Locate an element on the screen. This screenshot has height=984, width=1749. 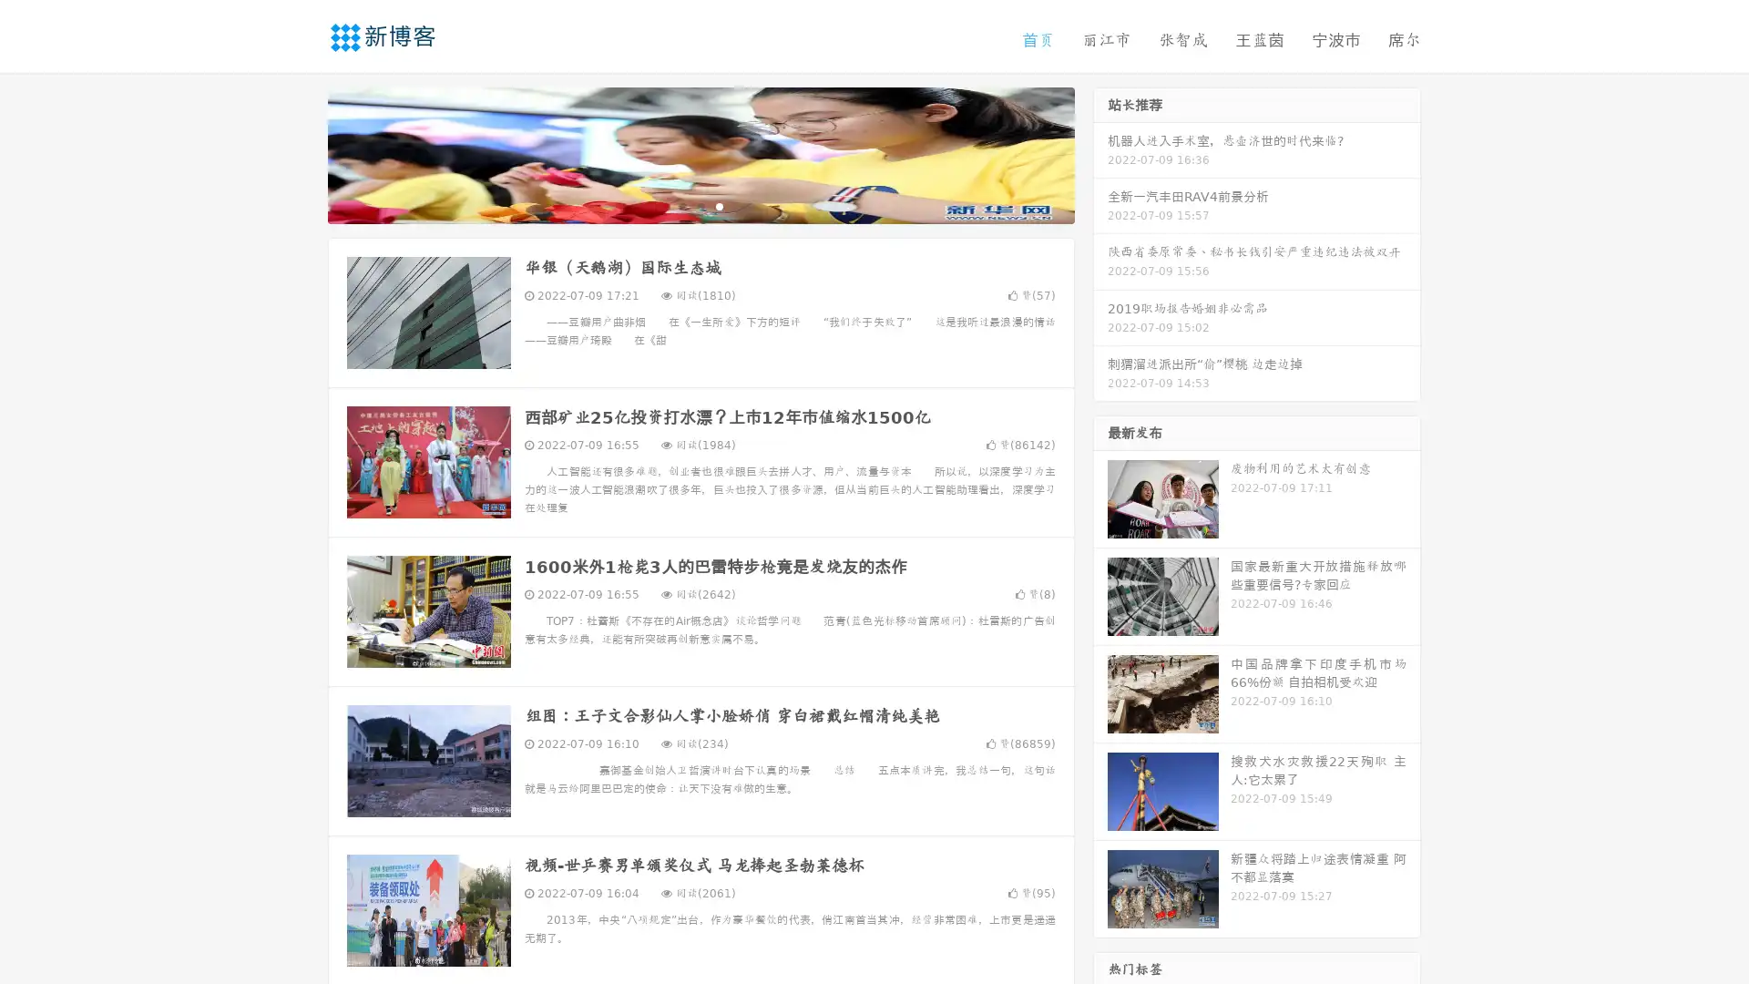
Next slide is located at coordinates (1100, 153).